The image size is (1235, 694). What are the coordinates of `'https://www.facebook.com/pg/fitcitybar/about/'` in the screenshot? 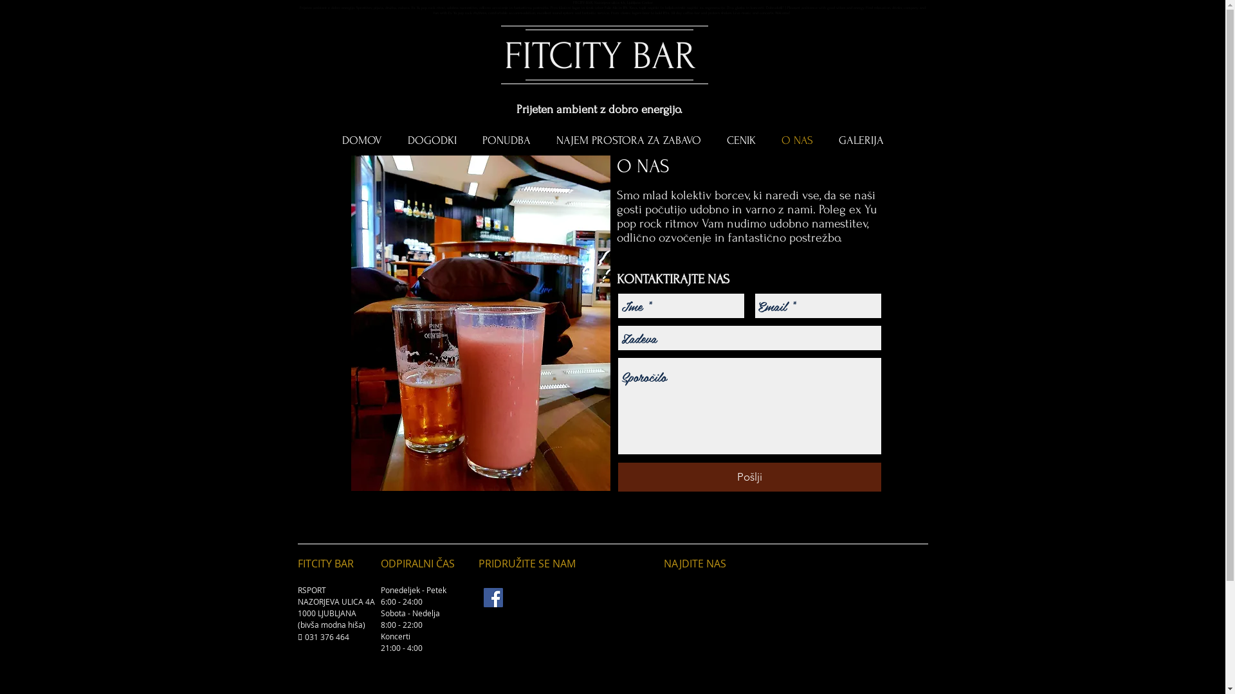 It's located at (547, 597).